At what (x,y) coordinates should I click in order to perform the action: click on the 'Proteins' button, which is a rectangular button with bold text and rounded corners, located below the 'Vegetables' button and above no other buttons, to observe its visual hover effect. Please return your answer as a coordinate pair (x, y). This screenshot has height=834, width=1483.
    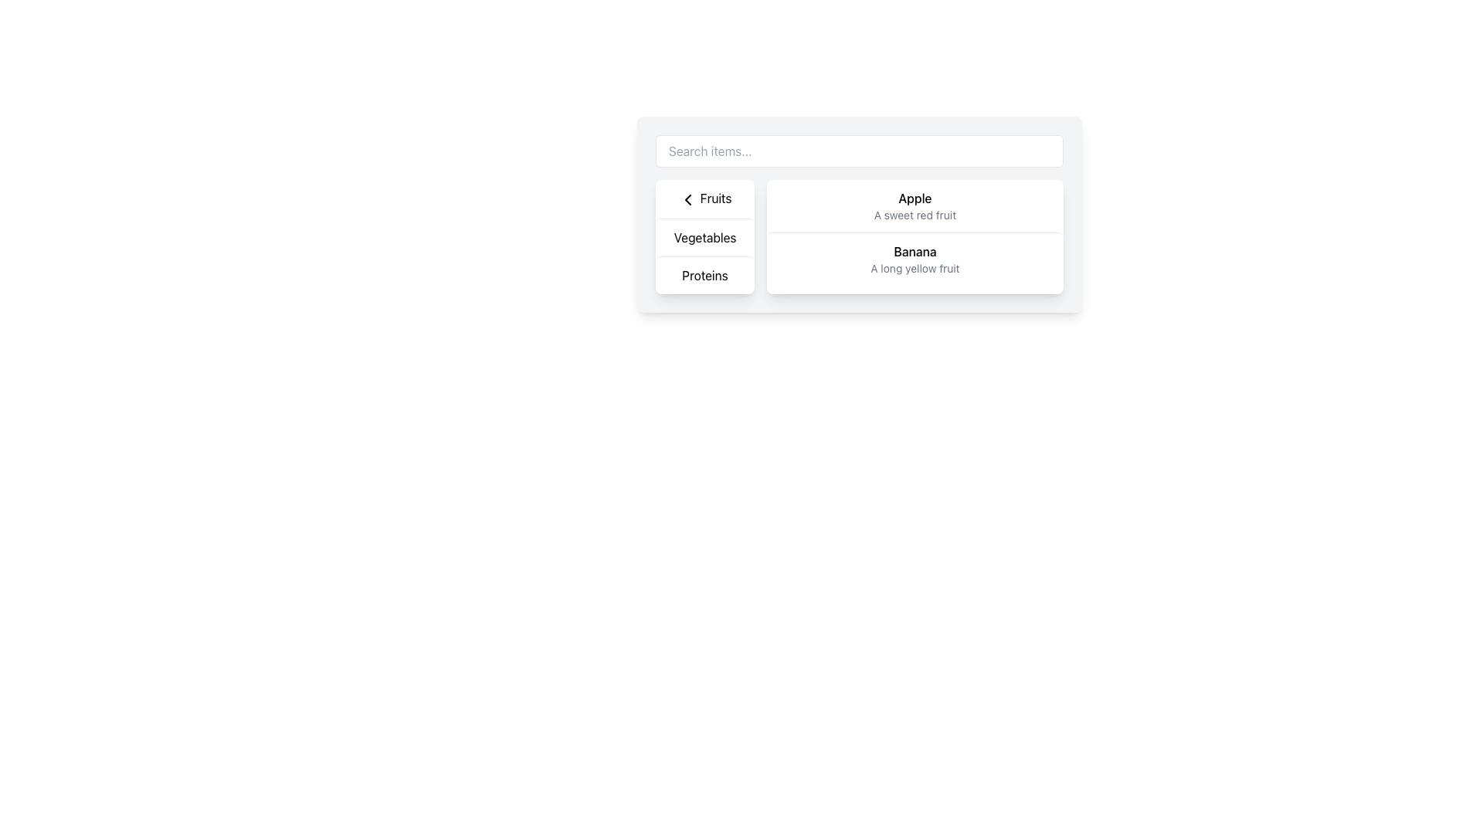
    Looking at the image, I should click on (704, 273).